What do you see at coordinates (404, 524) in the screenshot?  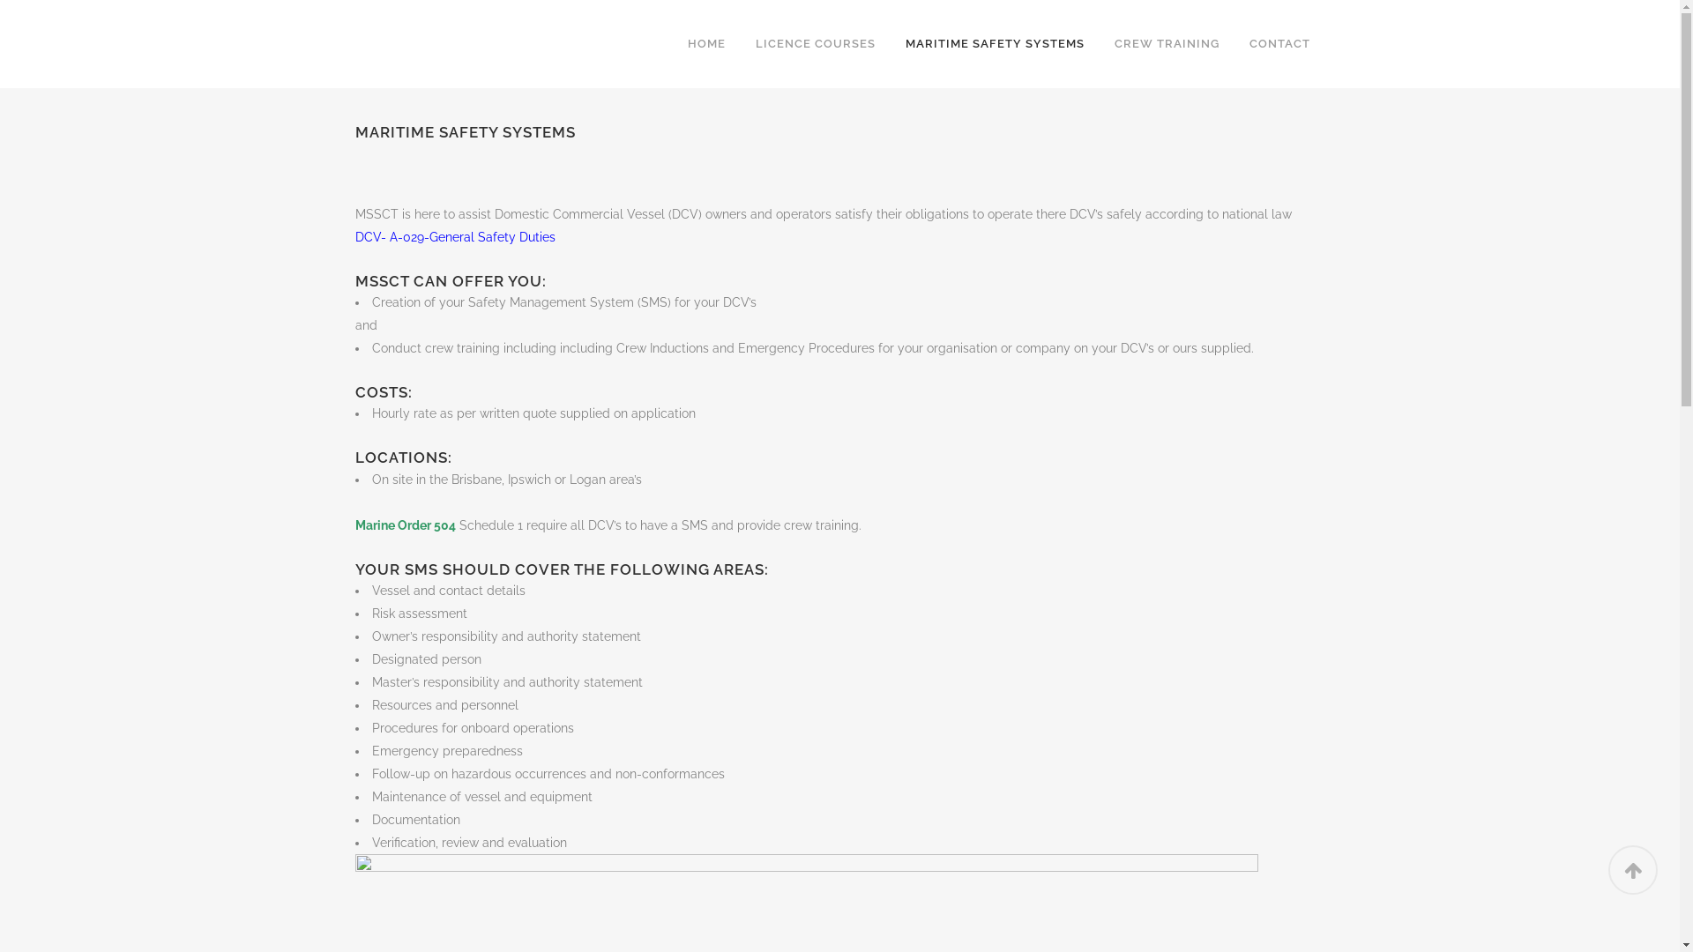 I see `'Marine Order 504'` at bounding box center [404, 524].